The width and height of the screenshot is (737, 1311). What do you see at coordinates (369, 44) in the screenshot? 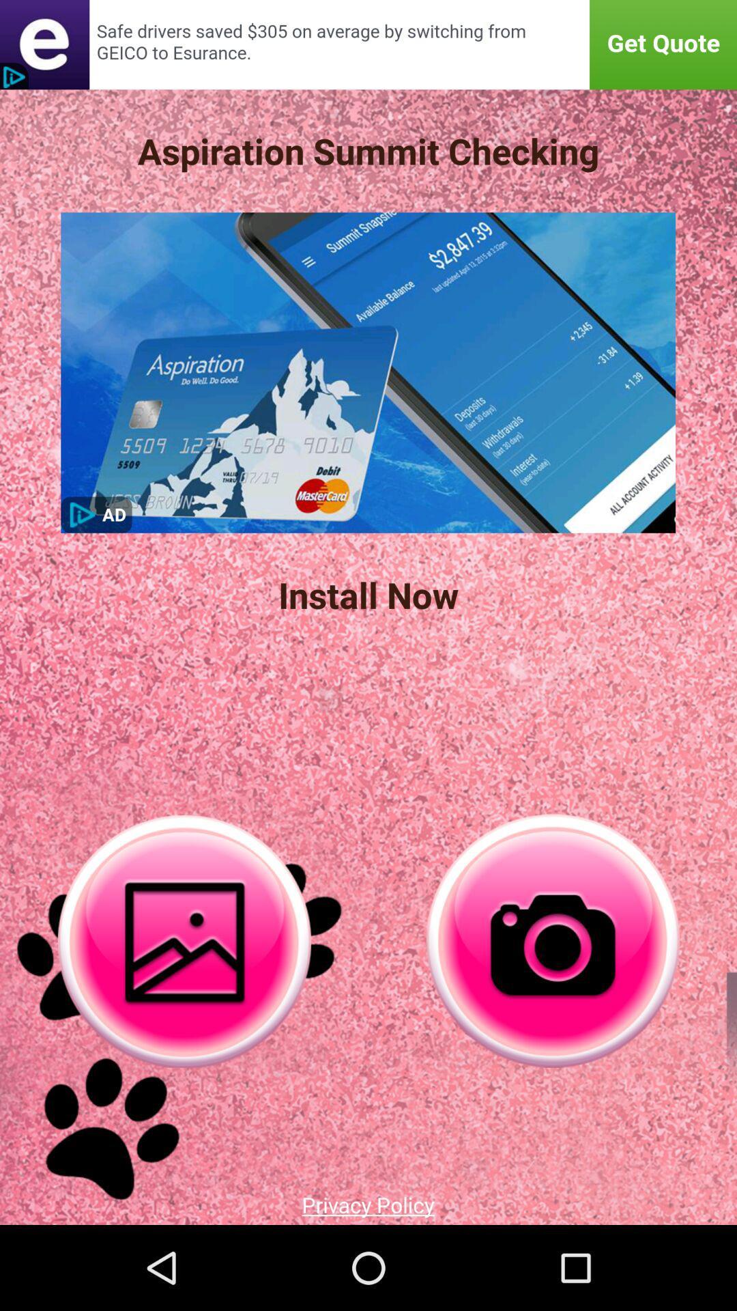
I see `type text box` at bounding box center [369, 44].